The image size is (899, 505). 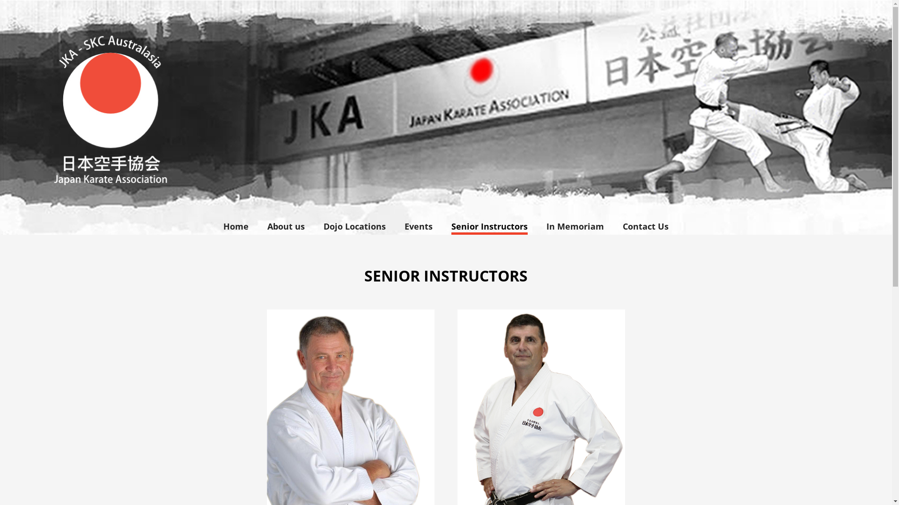 I want to click on 'Japan Karate Association', so click(x=445, y=116).